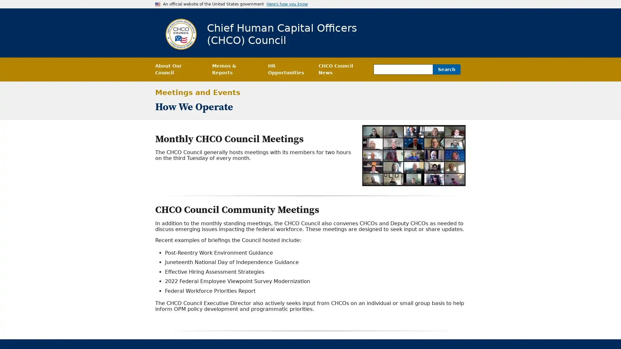 This screenshot has height=349, width=621. What do you see at coordinates (287, 4) in the screenshot?
I see `Here's how you know` at bounding box center [287, 4].